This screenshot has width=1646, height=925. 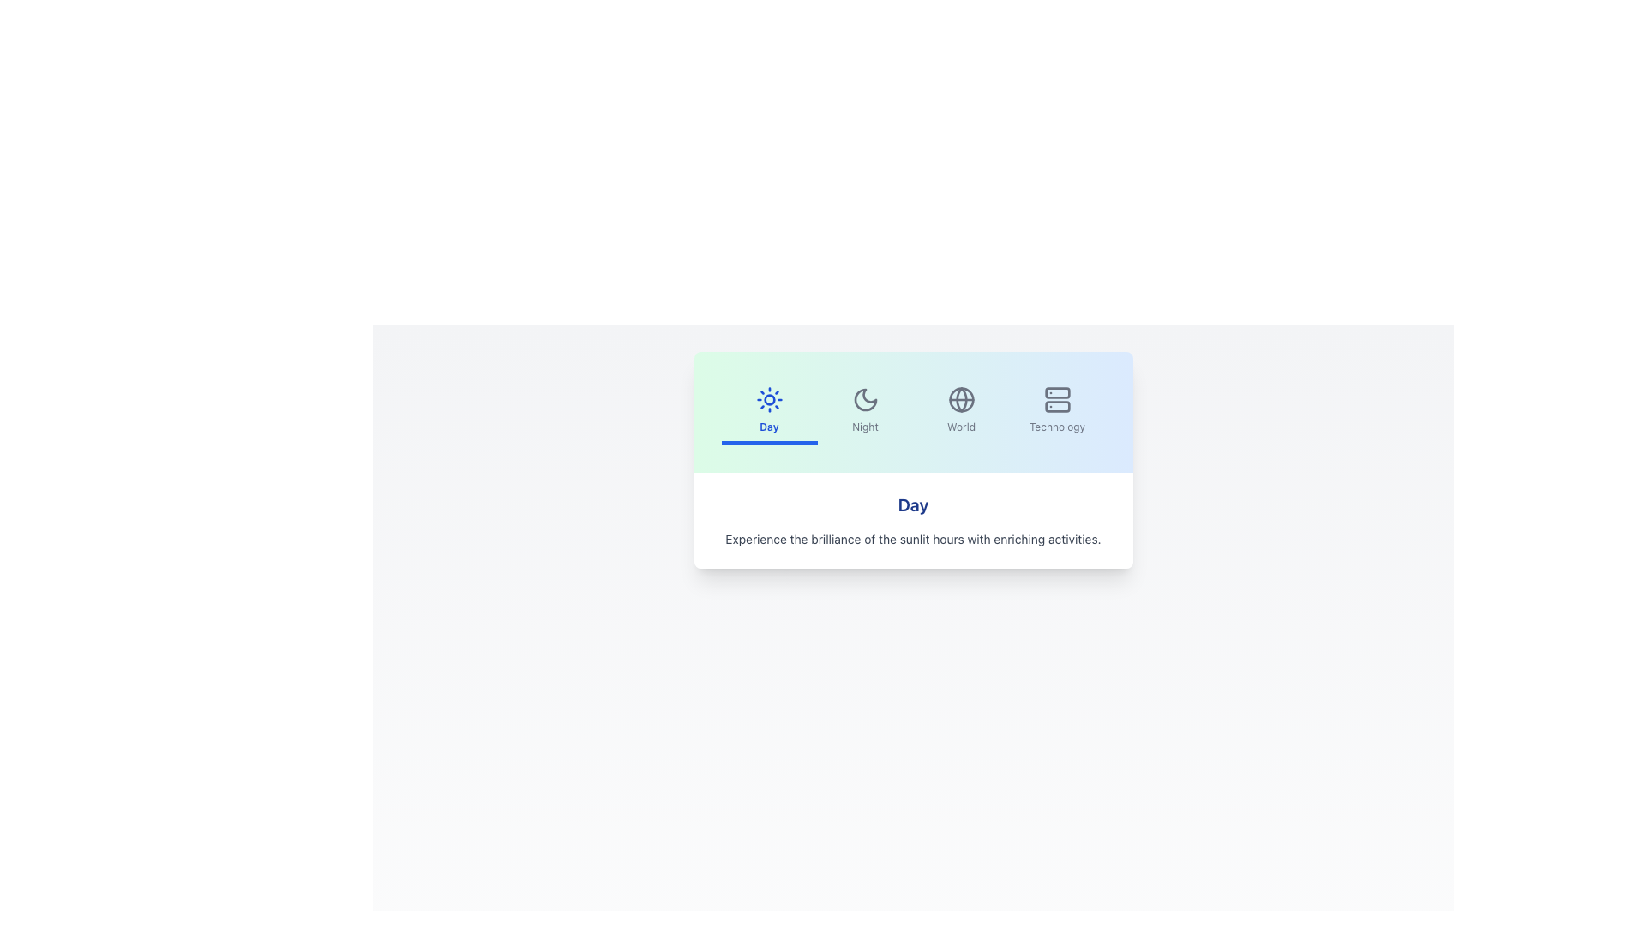 What do you see at coordinates (912, 412) in the screenshot?
I see `the tab in the Navigation bar` at bounding box center [912, 412].